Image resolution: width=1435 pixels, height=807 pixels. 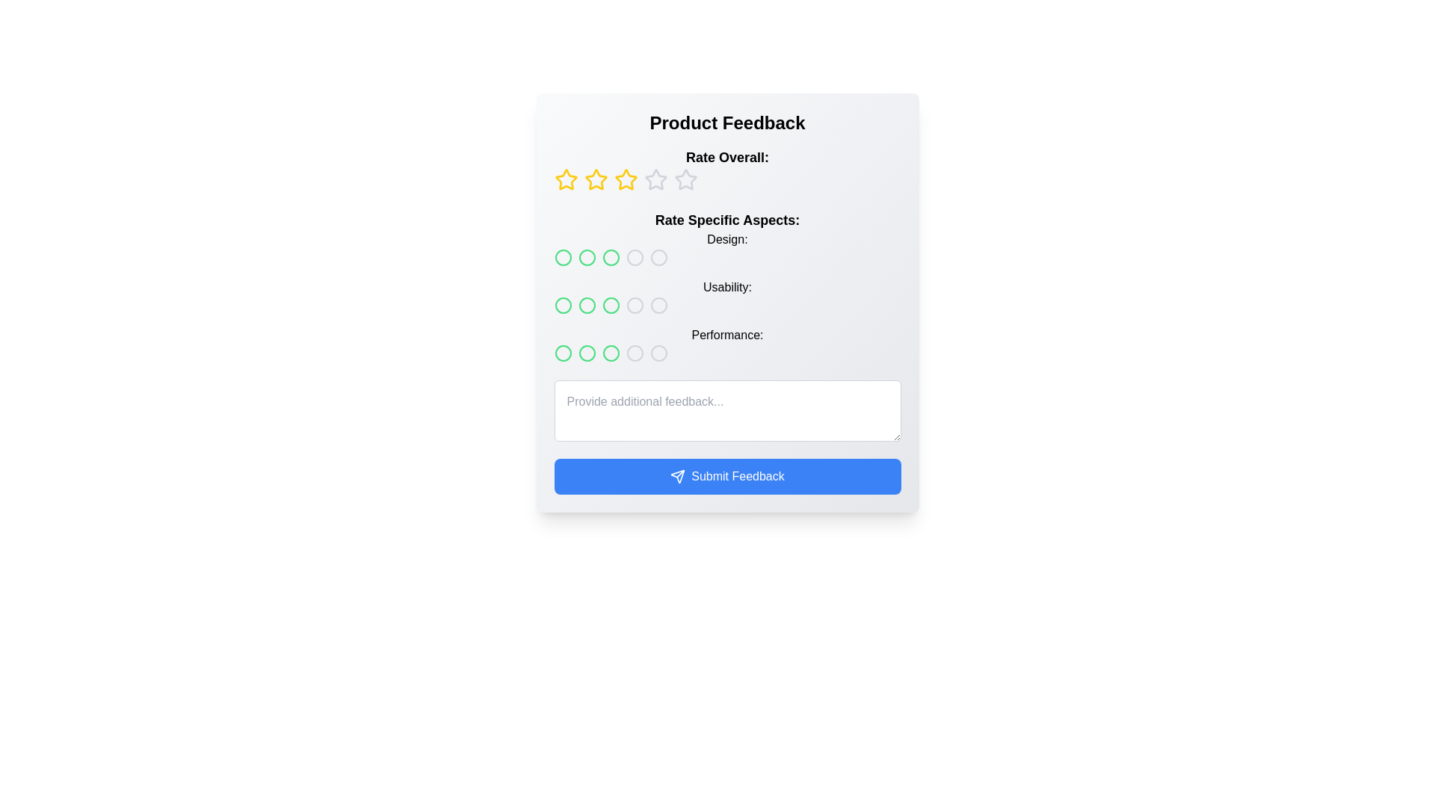 I want to click on the third circle in the 'Usability' rating group within the 'Rate Specific Aspects' section of the 'Product Feedback' form to indicate a specific rating level, so click(x=586, y=304).